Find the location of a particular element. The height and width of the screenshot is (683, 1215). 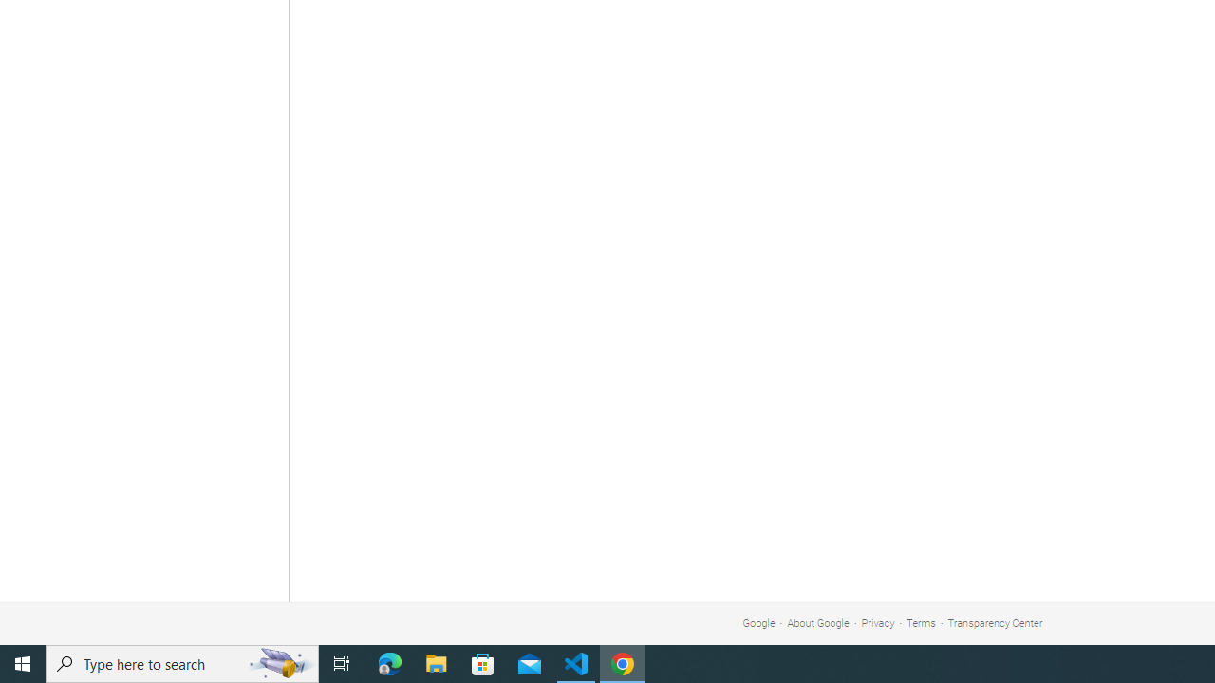

'Transparency Center' is located at coordinates (994, 623).